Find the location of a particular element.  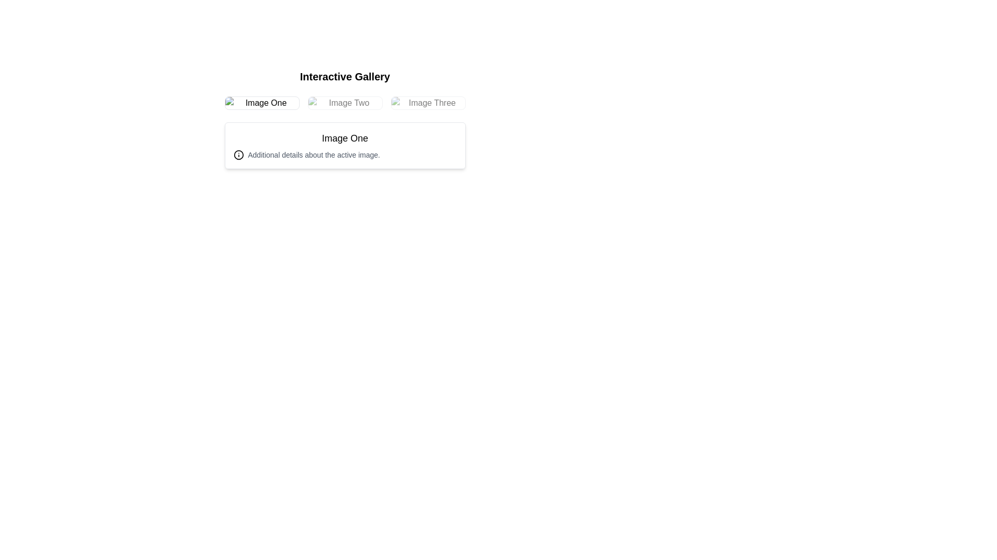

the information icon, which is a minimalistic outlined circle with an 'i', located to the left of the text 'Additional details about the active image.' is located at coordinates (238, 155).